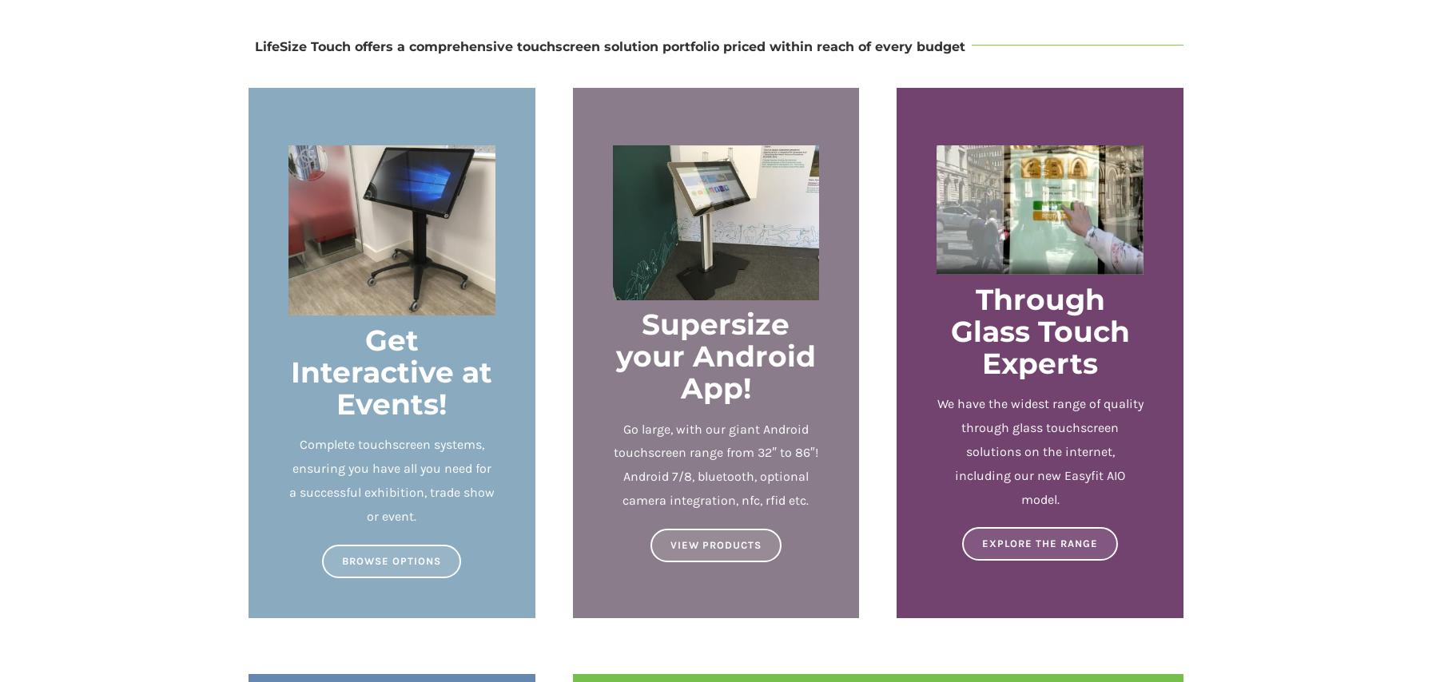 The width and height of the screenshot is (1432, 682). Describe the element at coordinates (610, 46) in the screenshot. I see `'LifeSize Touch offers a comprehensive touchscreen solution portfolio priced within reach of every budget'` at that location.